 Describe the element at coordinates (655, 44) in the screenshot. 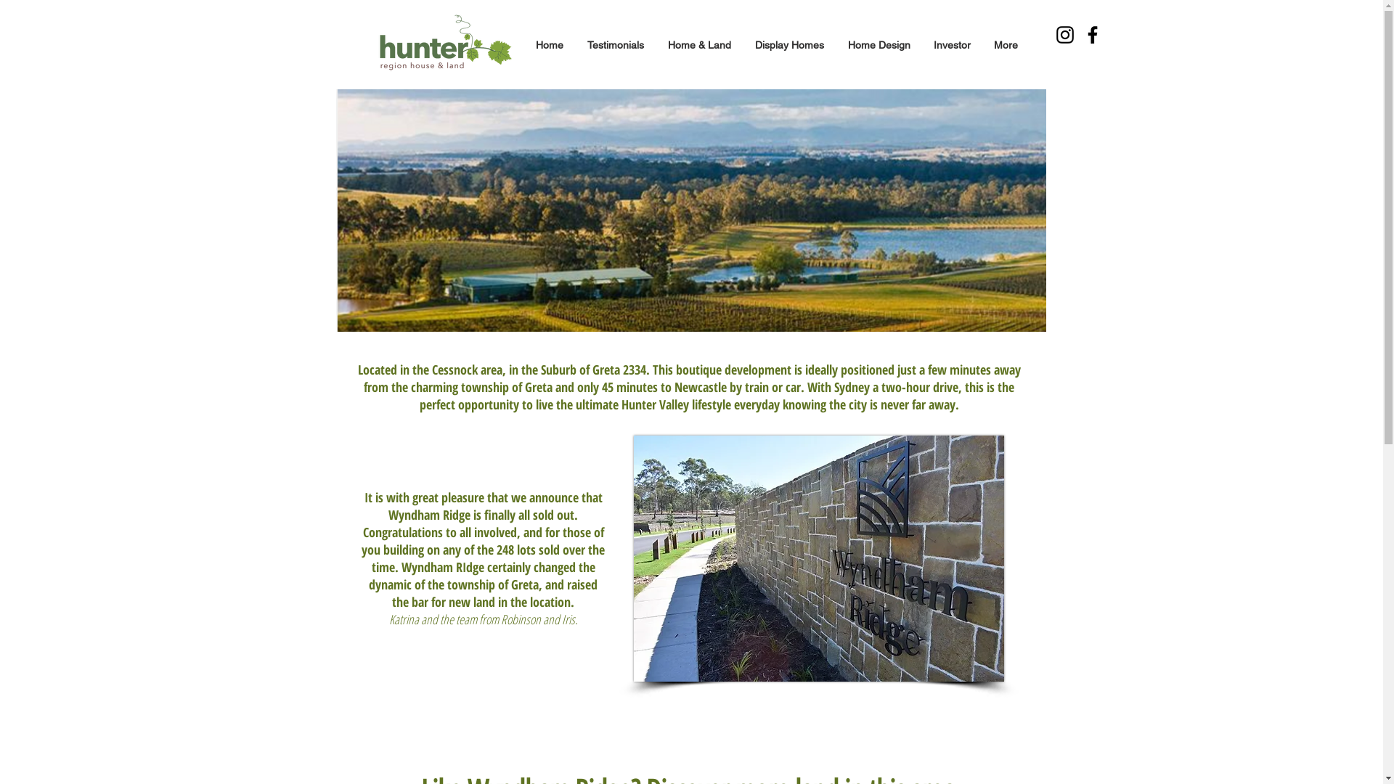

I see `'Home & Land'` at that location.